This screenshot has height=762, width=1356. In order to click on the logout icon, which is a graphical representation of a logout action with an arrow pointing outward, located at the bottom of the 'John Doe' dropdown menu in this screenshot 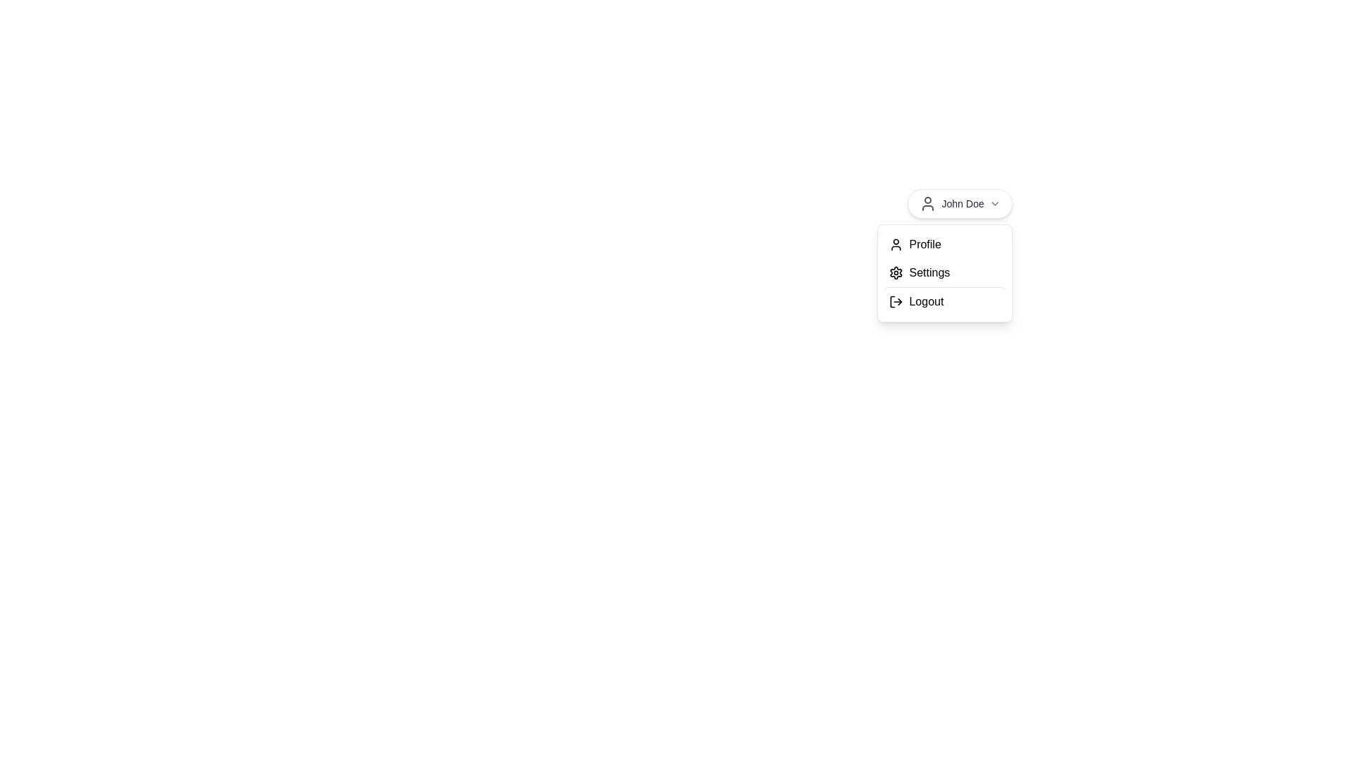, I will do `click(896, 301)`.